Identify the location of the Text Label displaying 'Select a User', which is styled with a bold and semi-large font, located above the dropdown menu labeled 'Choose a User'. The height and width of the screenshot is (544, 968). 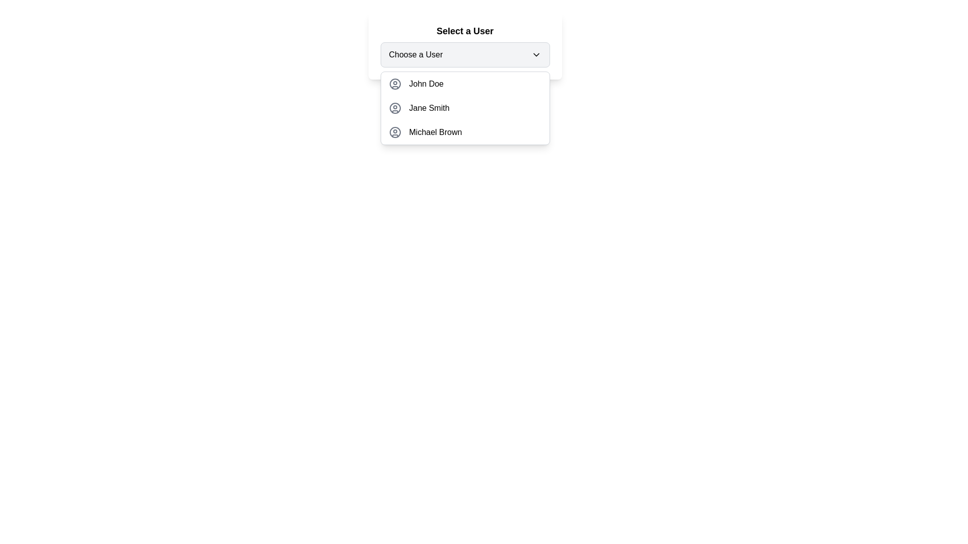
(464, 30).